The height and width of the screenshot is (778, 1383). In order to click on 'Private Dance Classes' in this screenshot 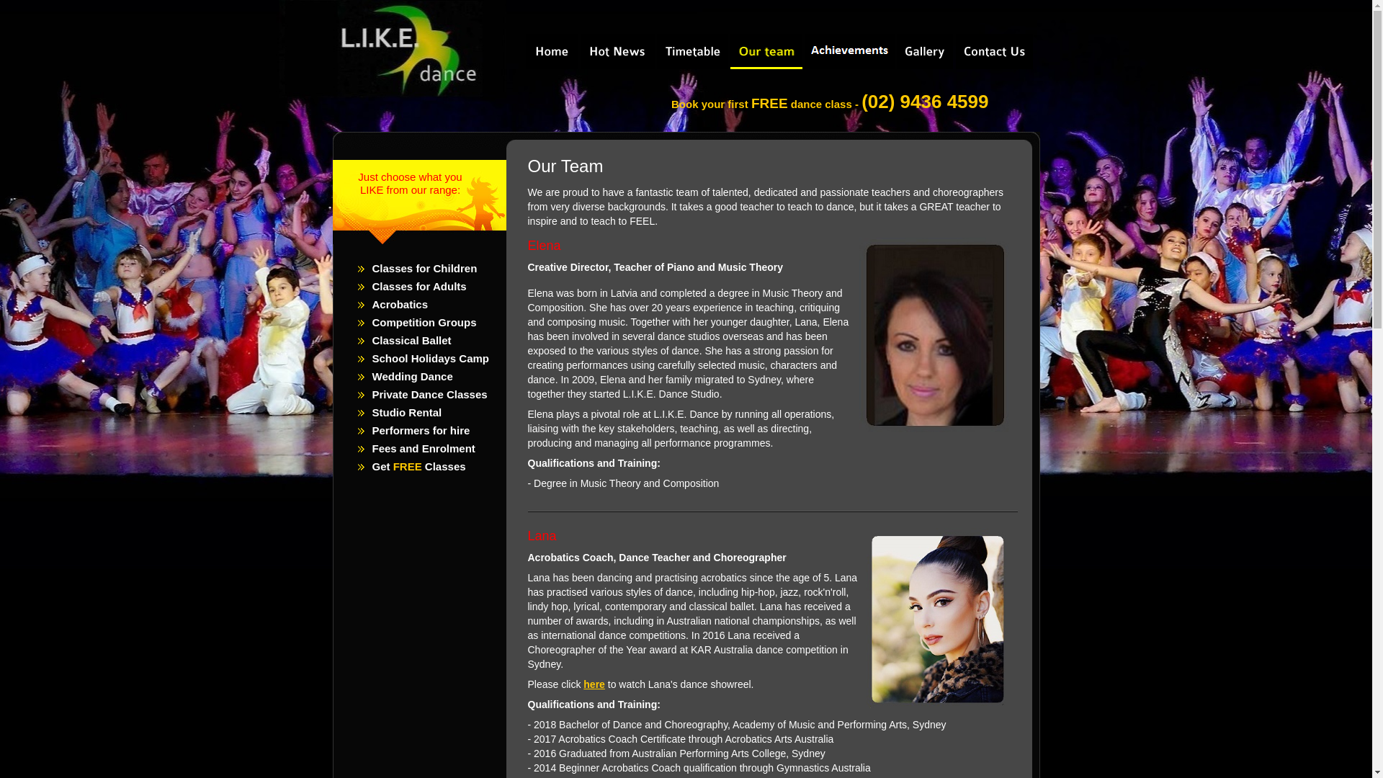, I will do `click(428, 394)`.